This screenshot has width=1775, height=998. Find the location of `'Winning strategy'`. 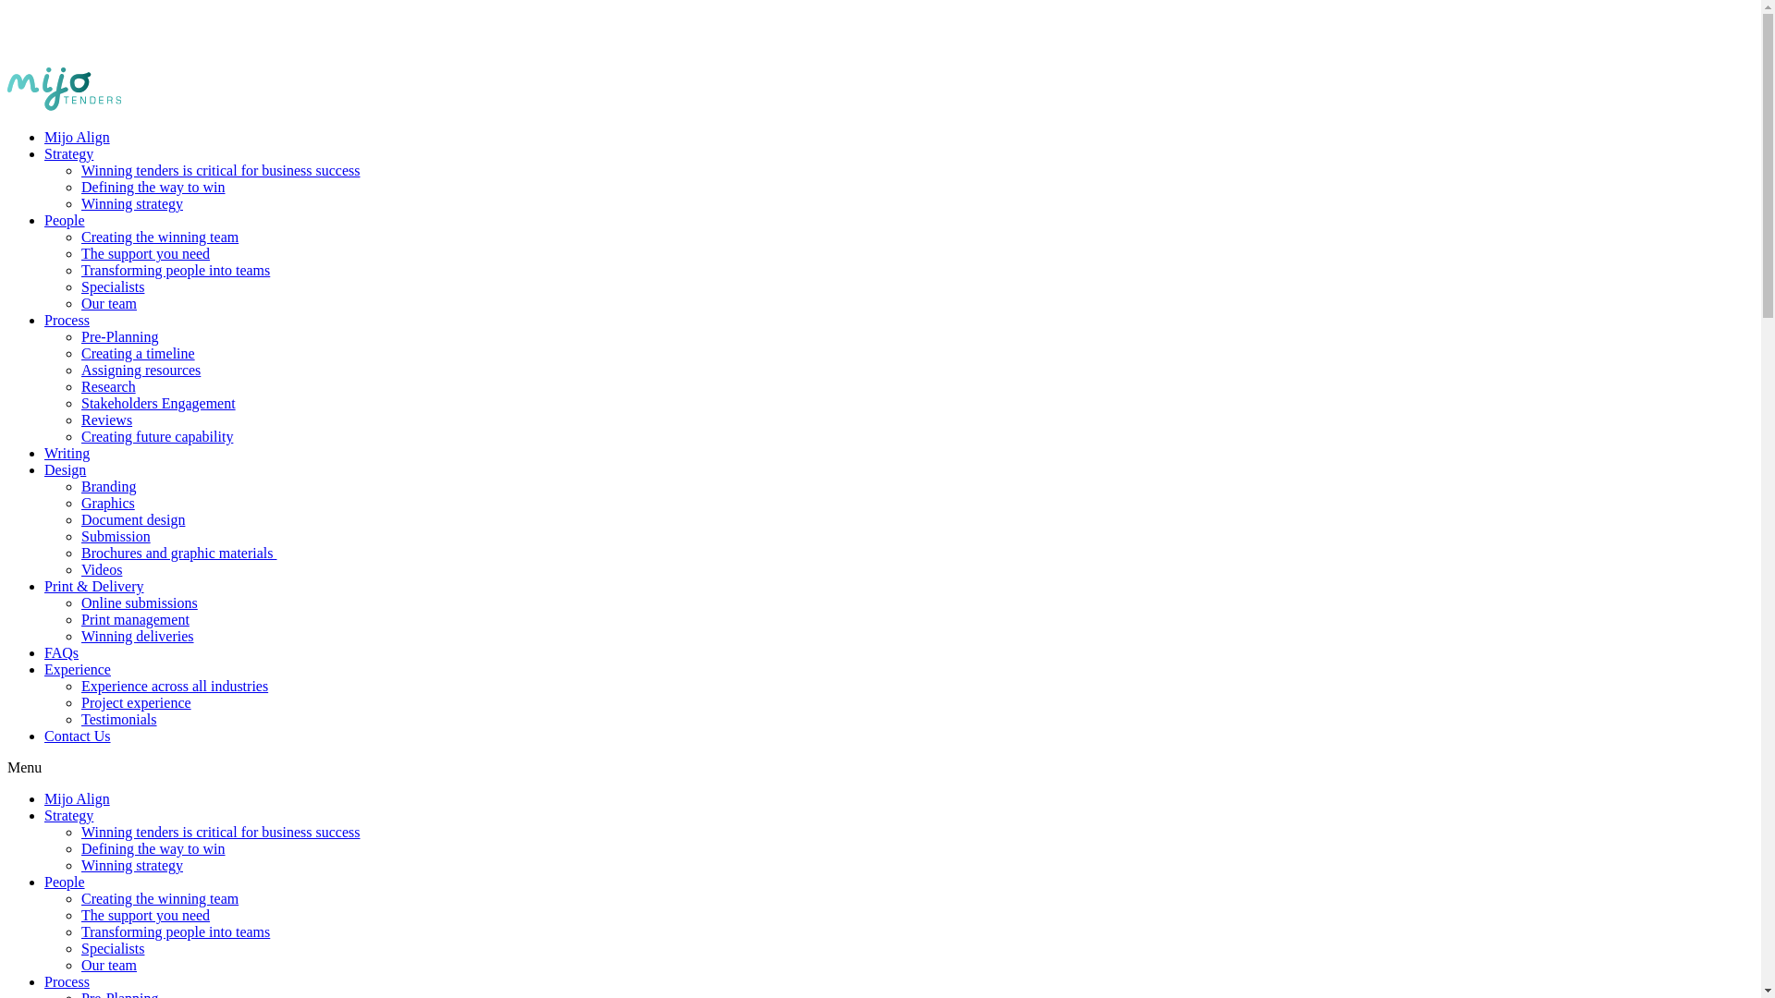

'Winning strategy' is located at coordinates (131, 203).